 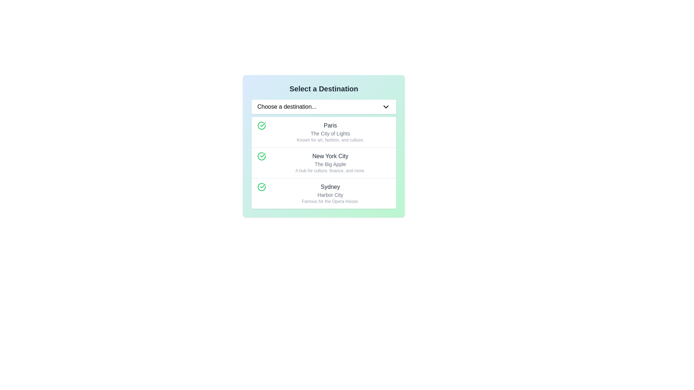 What do you see at coordinates (330, 171) in the screenshot?
I see `the line of small gray text reading 'A hub for culture, finance, and more.' which is located directly below 'The Big Apple' in the third list entry of the dropdown menu under 'Select a Destination'` at bounding box center [330, 171].